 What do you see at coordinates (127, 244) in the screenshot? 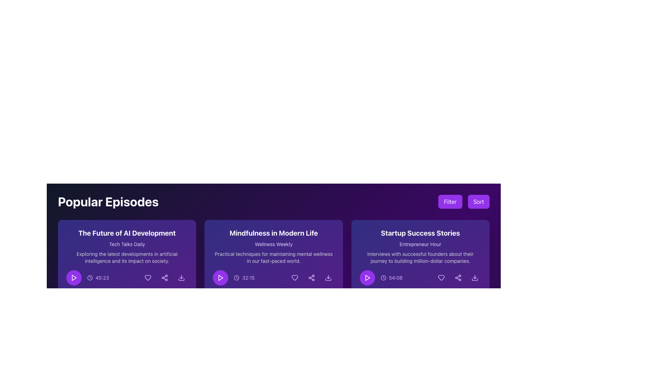
I see `the label displaying 'Tech Talks Daily' which is styled in a small-sized font with light purple color, located beneath the title 'The Future of AI Development' and above the descriptive paragraph` at bounding box center [127, 244].